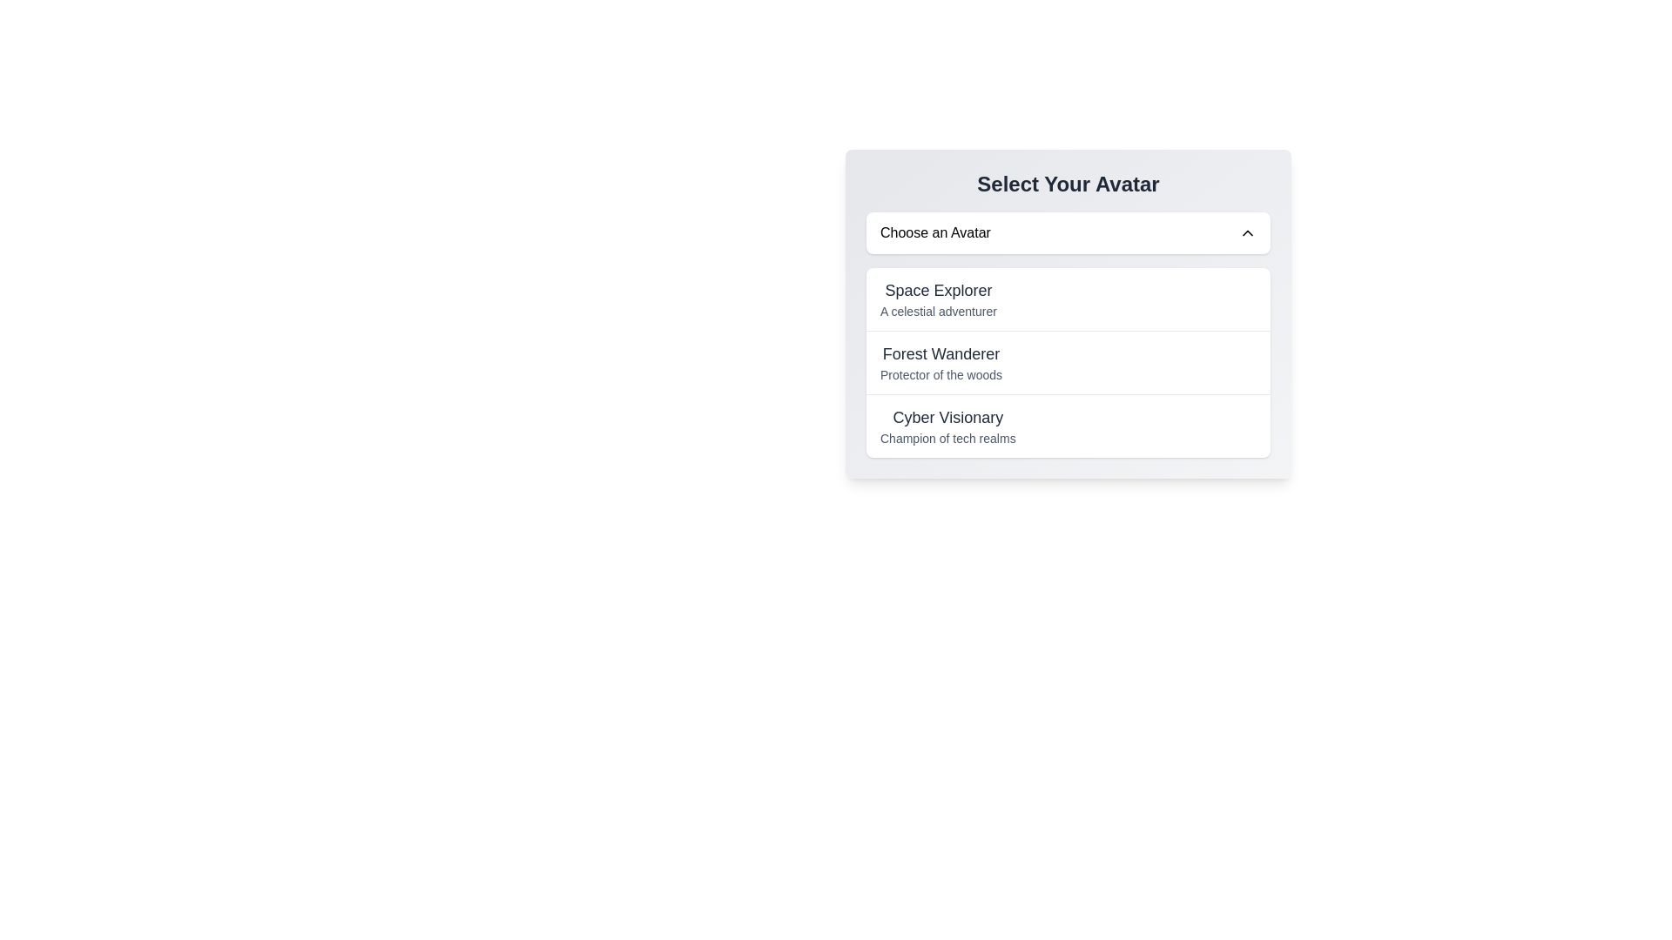 Image resolution: width=1672 pixels, height=940 pixels. What do you see at coordinates (940, 353) in the screenshot?
I see `the static text label displaying the title 'Forest Wanderer', which is styled as a header in dark gray, located in the dropdown selection of avatars` at bounding box center [940, 353].